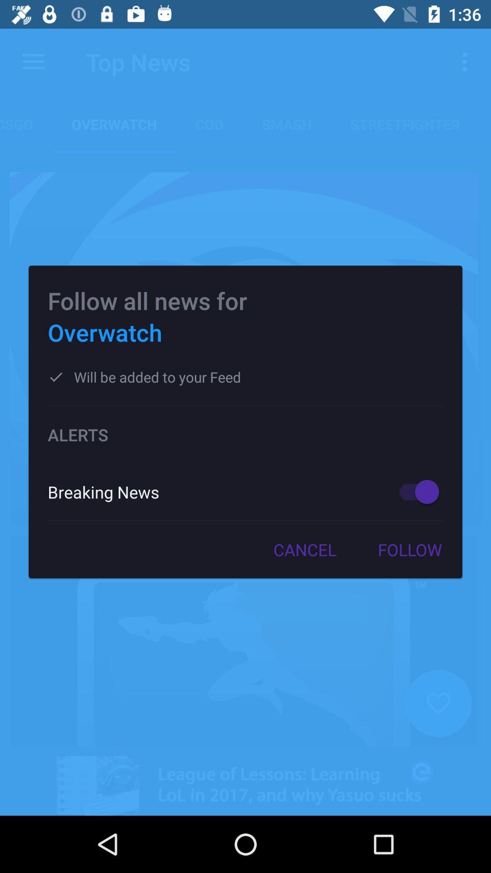 The image size is (491, 873). I want to click on item below alerts icon, so click(213, 492).